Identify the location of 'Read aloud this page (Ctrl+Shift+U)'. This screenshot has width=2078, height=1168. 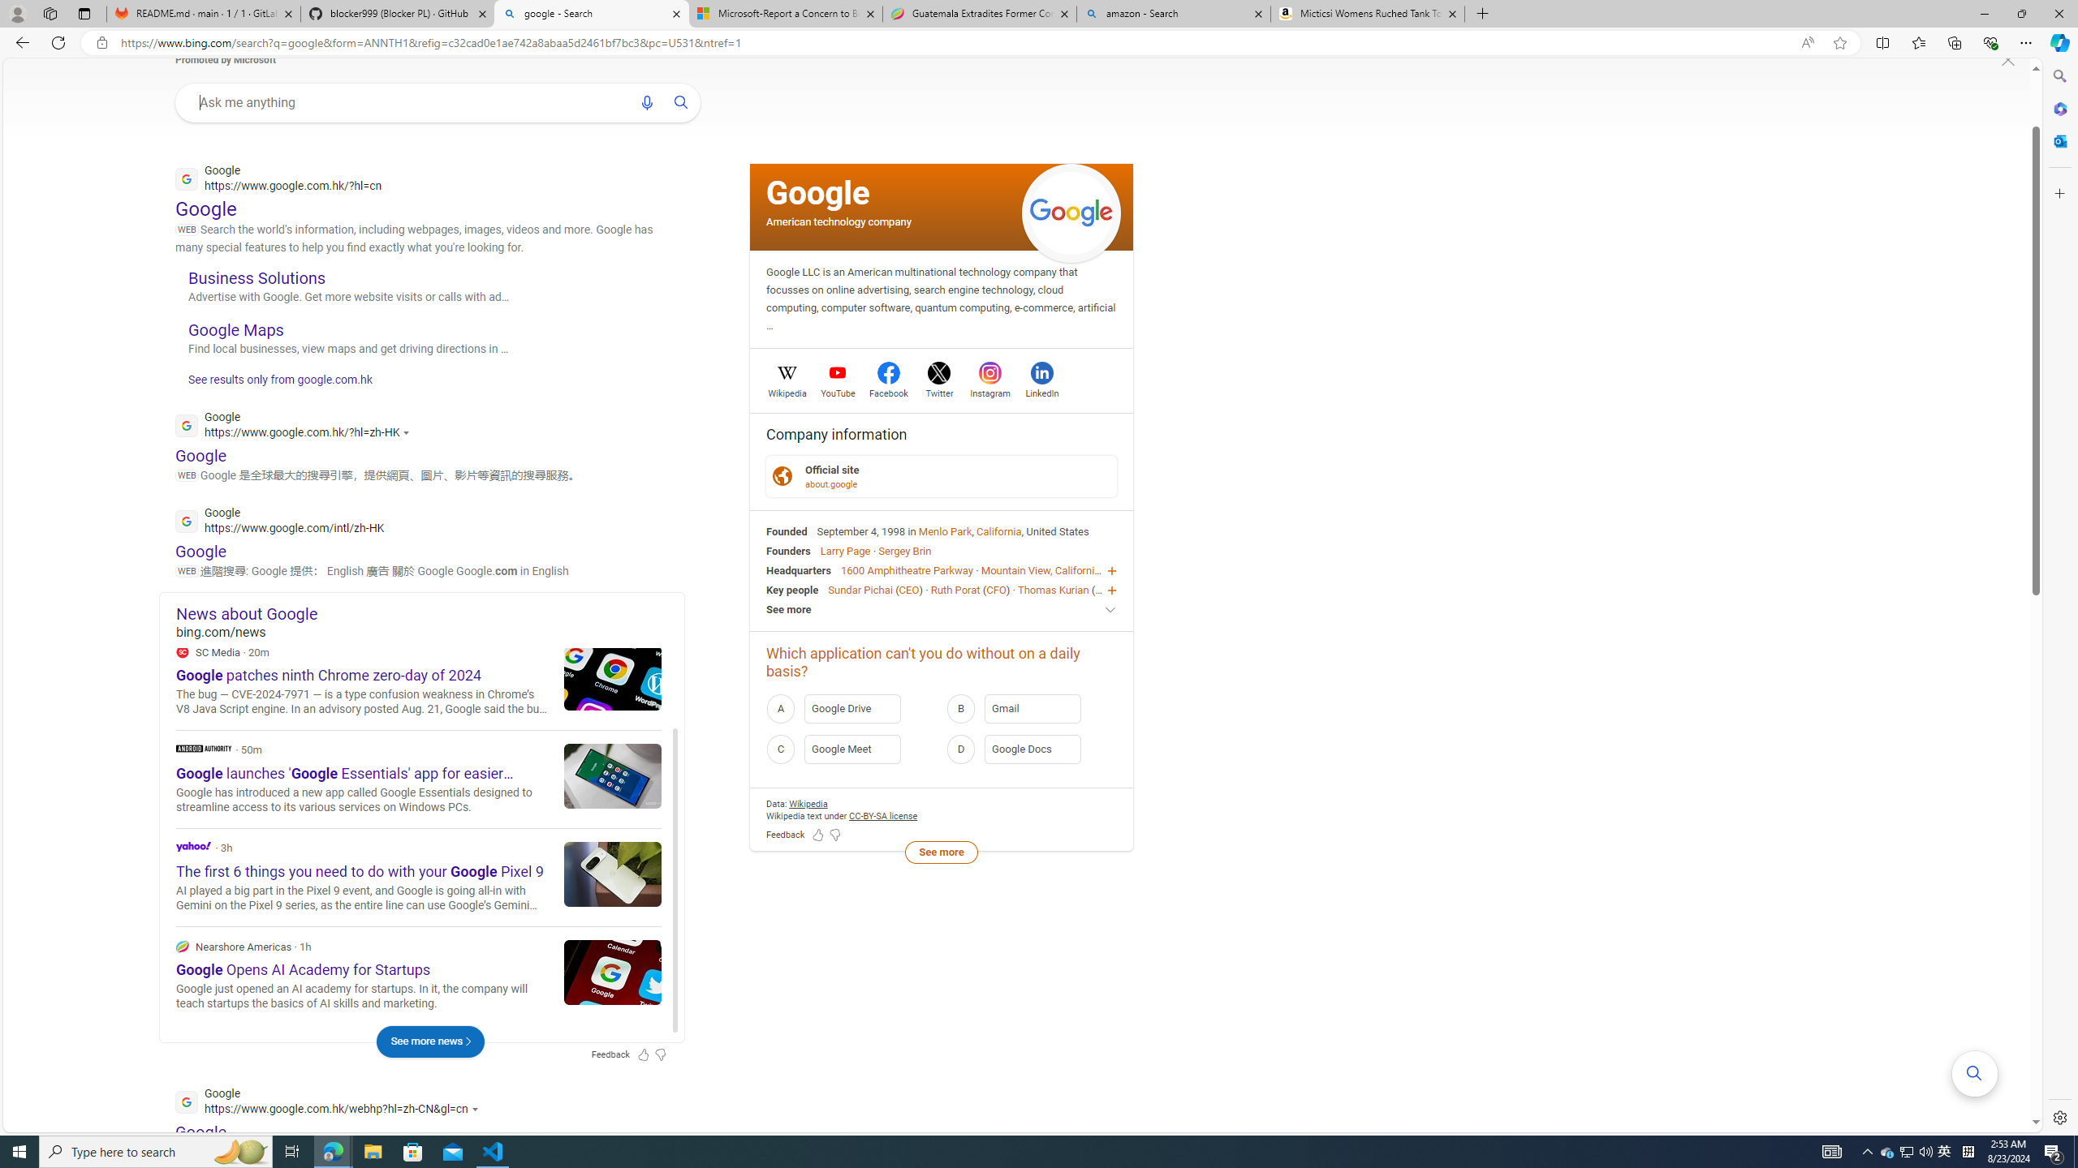
(1807, 43).